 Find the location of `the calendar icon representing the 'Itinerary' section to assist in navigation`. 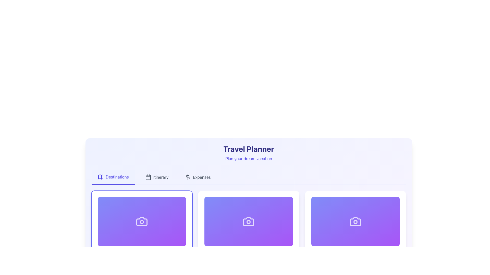

the calendar icon representing the 'Itinerary' section to assist in navigation is located at coordinates (148, 177).